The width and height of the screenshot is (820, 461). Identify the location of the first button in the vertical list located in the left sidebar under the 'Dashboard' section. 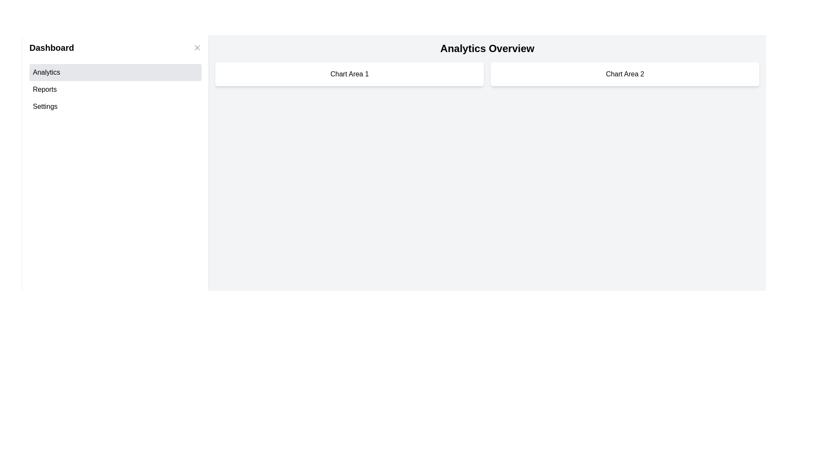
(115, 72).